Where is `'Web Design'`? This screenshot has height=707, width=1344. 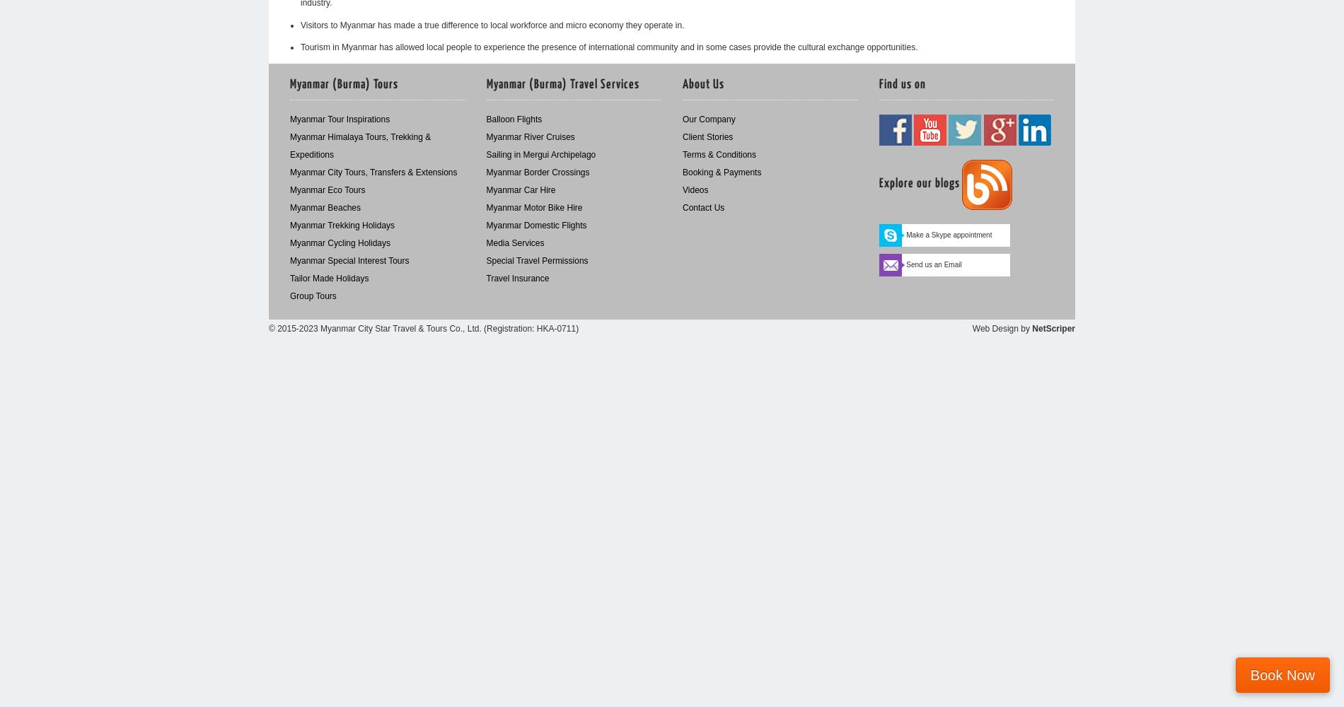 'Web Design' is located at coordinates (994, 328).